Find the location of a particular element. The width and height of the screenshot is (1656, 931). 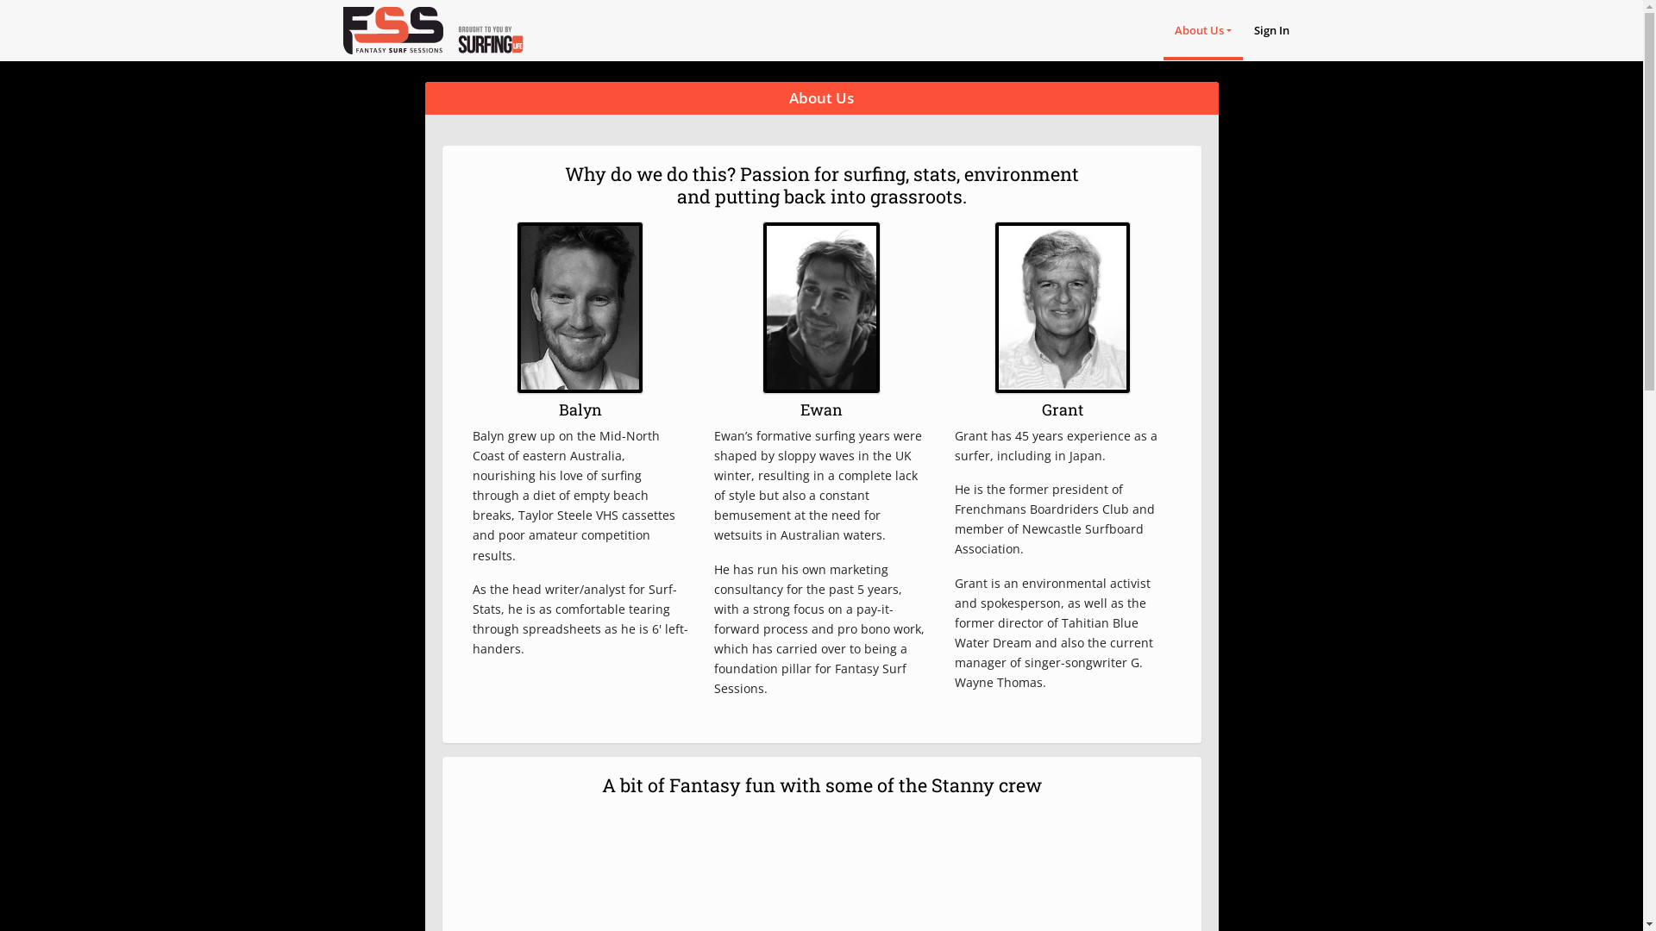

'About Us' is located at coordinates (1202, 29).